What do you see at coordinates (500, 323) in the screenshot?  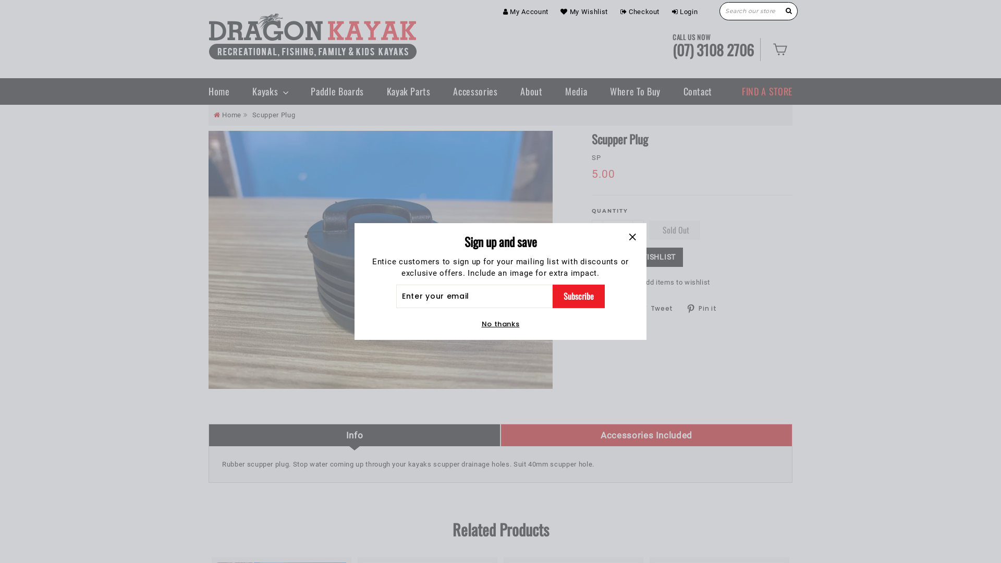 I see `'No thanks'` at bounding box center [500, 323].